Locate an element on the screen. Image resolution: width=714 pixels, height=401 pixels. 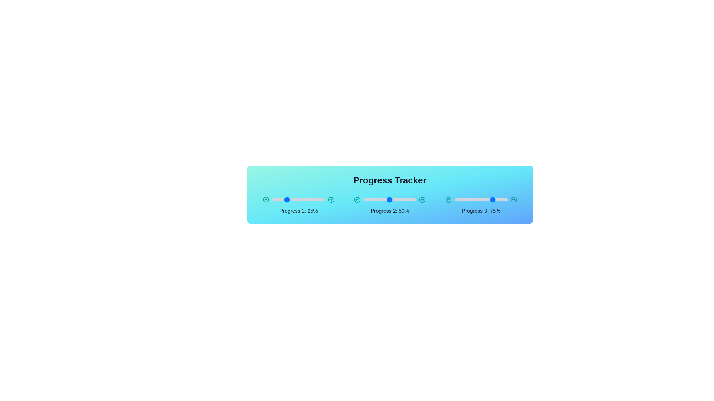
the left arrow of the slider for Progress 3 is located at coordinates (448, 199).